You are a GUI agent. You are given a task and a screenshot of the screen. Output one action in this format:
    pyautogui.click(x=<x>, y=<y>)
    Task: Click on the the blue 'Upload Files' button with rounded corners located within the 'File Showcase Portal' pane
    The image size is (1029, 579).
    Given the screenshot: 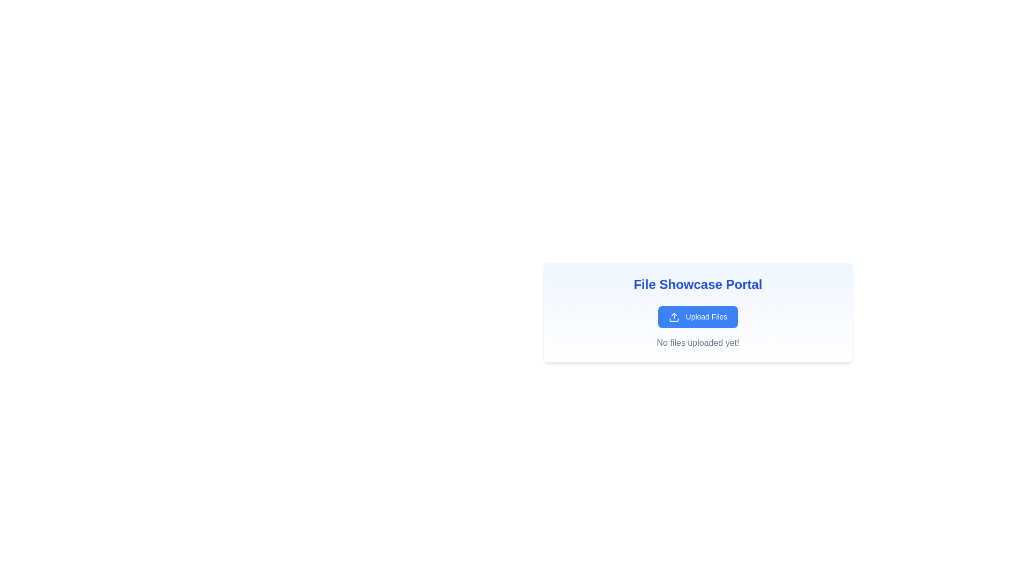 What is the action you would take?
    pyautogui.click(x=698, y=316)
    